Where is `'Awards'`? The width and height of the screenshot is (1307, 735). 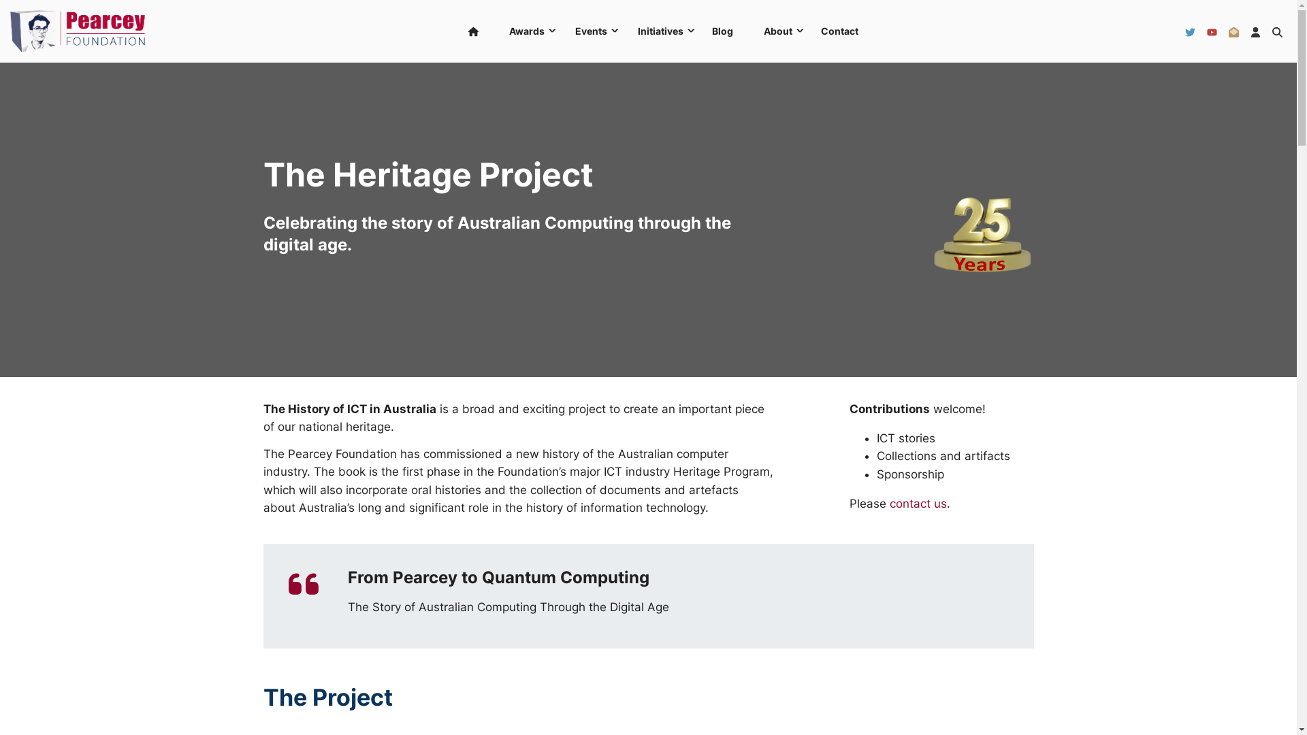
'Awards' is located at coordinates (525, 31).